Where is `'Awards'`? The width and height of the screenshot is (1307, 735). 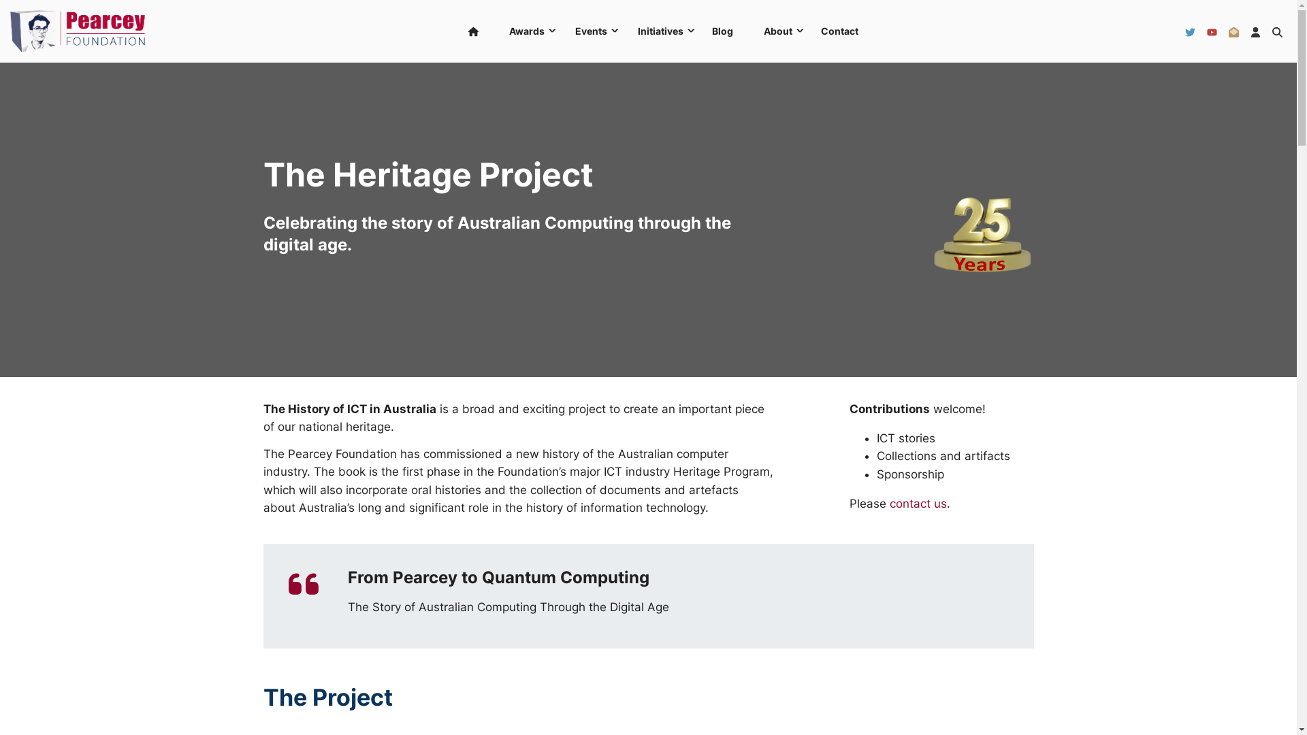
'Awards' is located at coordinates (525, 31).